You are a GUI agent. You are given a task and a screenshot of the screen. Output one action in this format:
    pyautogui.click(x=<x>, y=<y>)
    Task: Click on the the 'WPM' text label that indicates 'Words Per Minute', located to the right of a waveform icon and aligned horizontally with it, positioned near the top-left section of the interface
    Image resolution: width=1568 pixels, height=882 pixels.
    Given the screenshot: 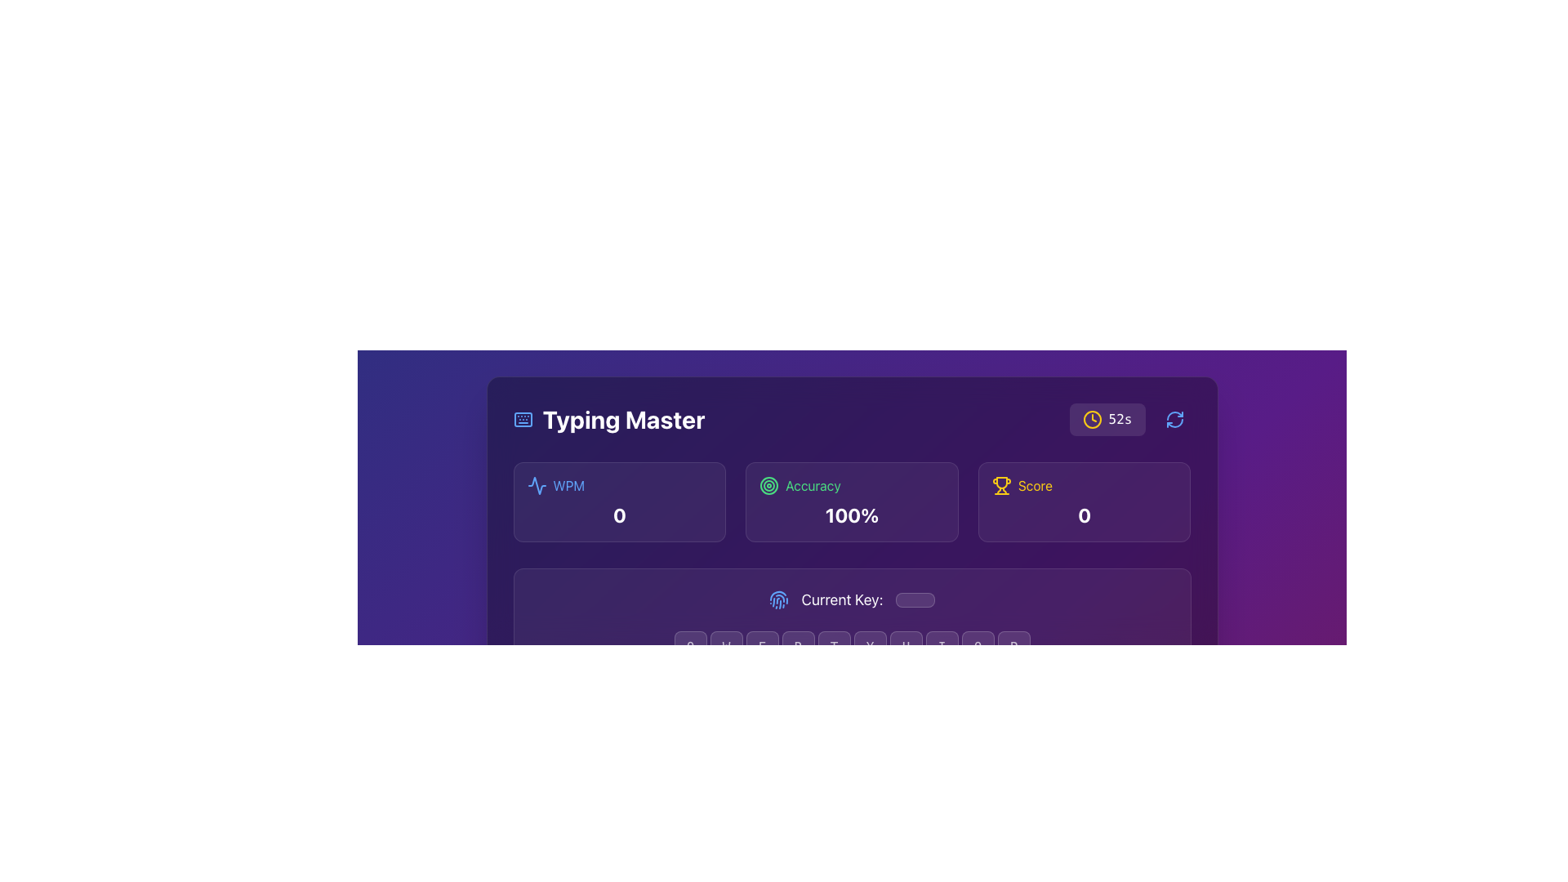 What is the action you would take?
    pyautogui.click(x=568, y=484)
    